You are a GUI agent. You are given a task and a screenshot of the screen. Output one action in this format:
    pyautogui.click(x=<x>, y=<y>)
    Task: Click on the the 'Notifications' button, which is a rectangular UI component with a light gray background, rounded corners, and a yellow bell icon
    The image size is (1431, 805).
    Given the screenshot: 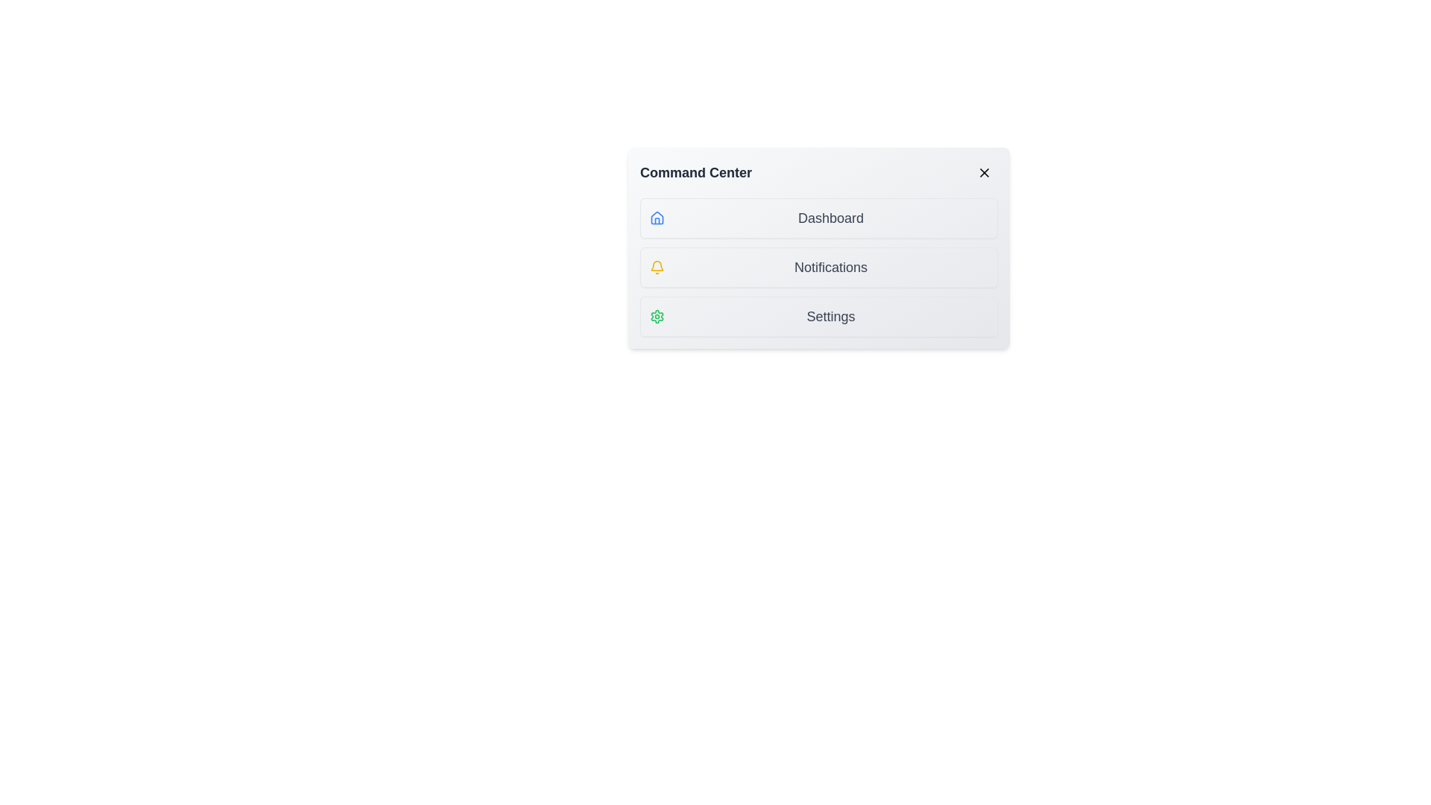 What is the action you would take?
    pyautogui.click(x=818, y=266)
    